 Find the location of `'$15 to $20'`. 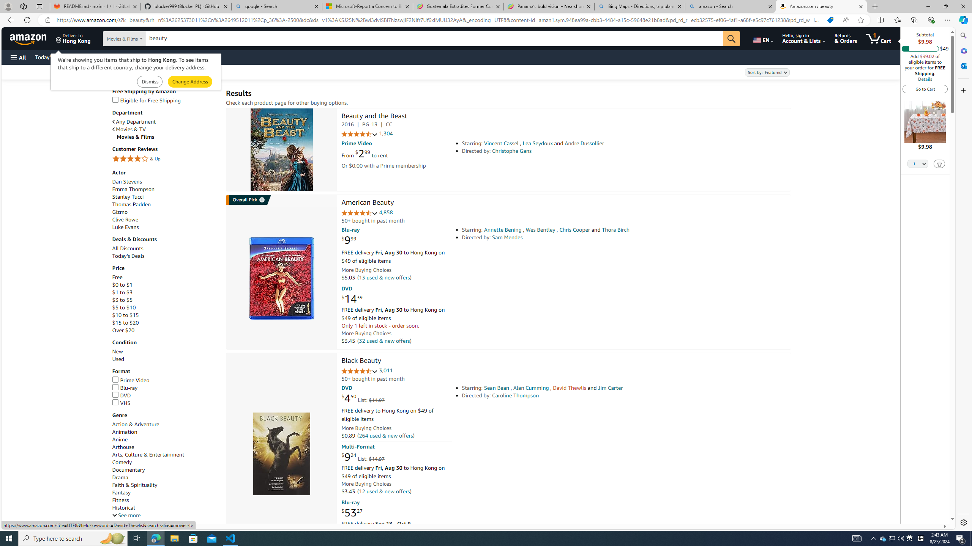

'$15 to $20' is located at coordinates (125, 322).